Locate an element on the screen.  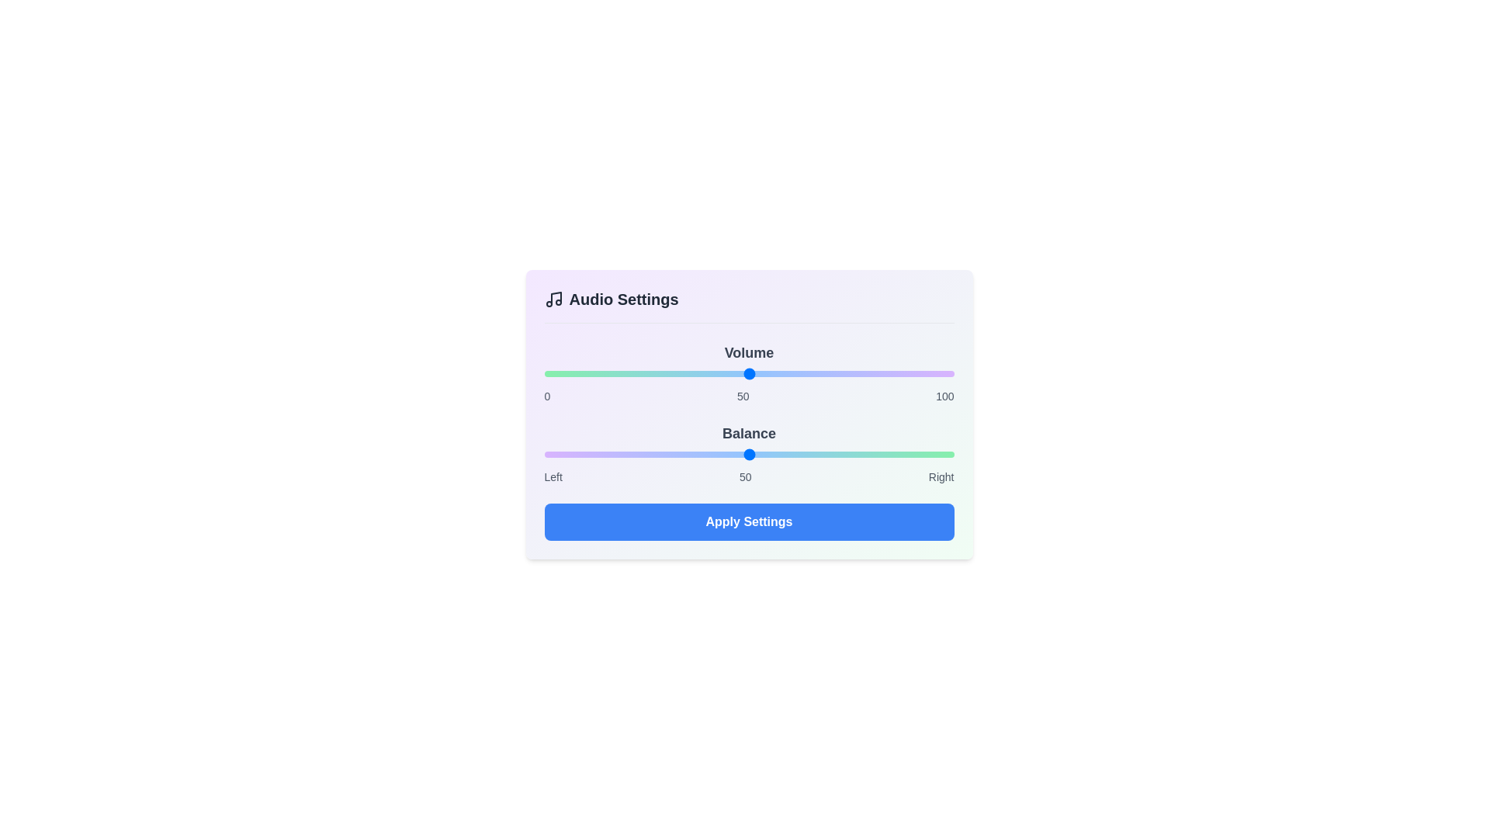
the 'Audio Settings' panel is located at coordinates (749, 414).